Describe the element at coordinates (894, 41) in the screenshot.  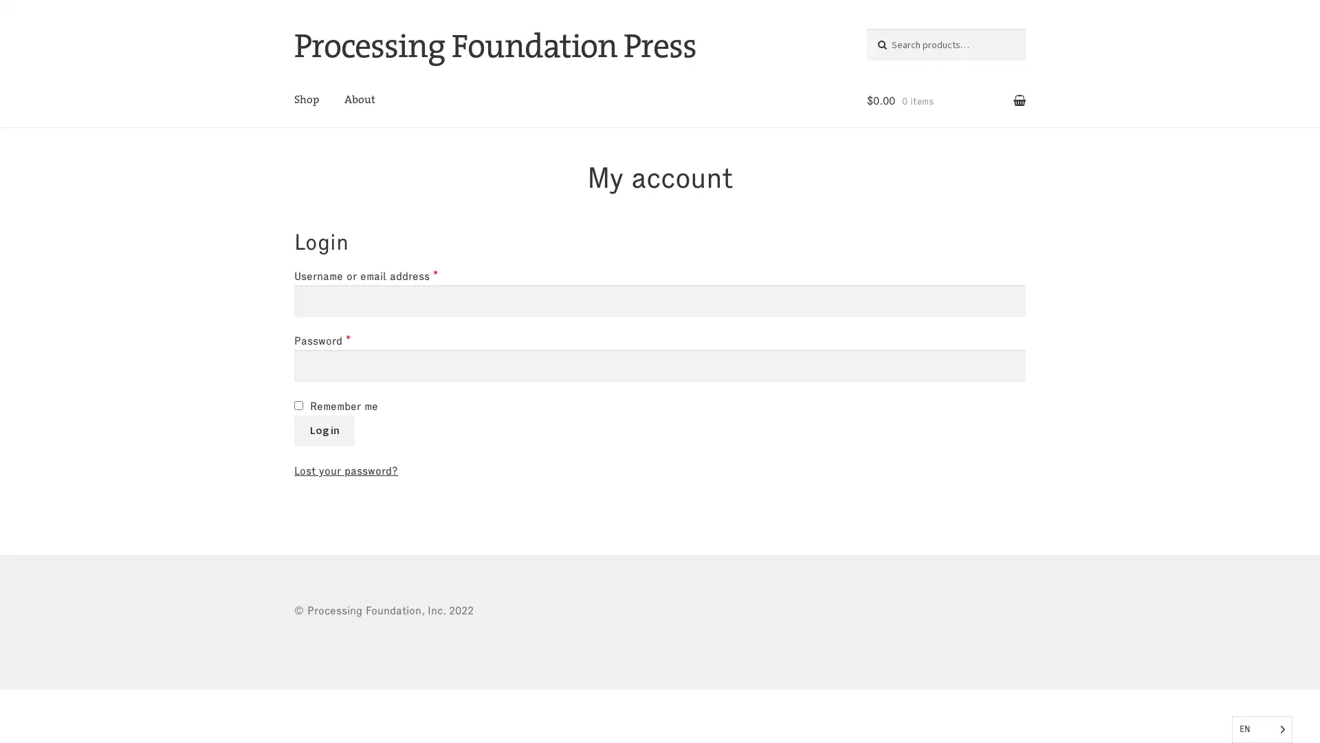
I see `Search` at that location.